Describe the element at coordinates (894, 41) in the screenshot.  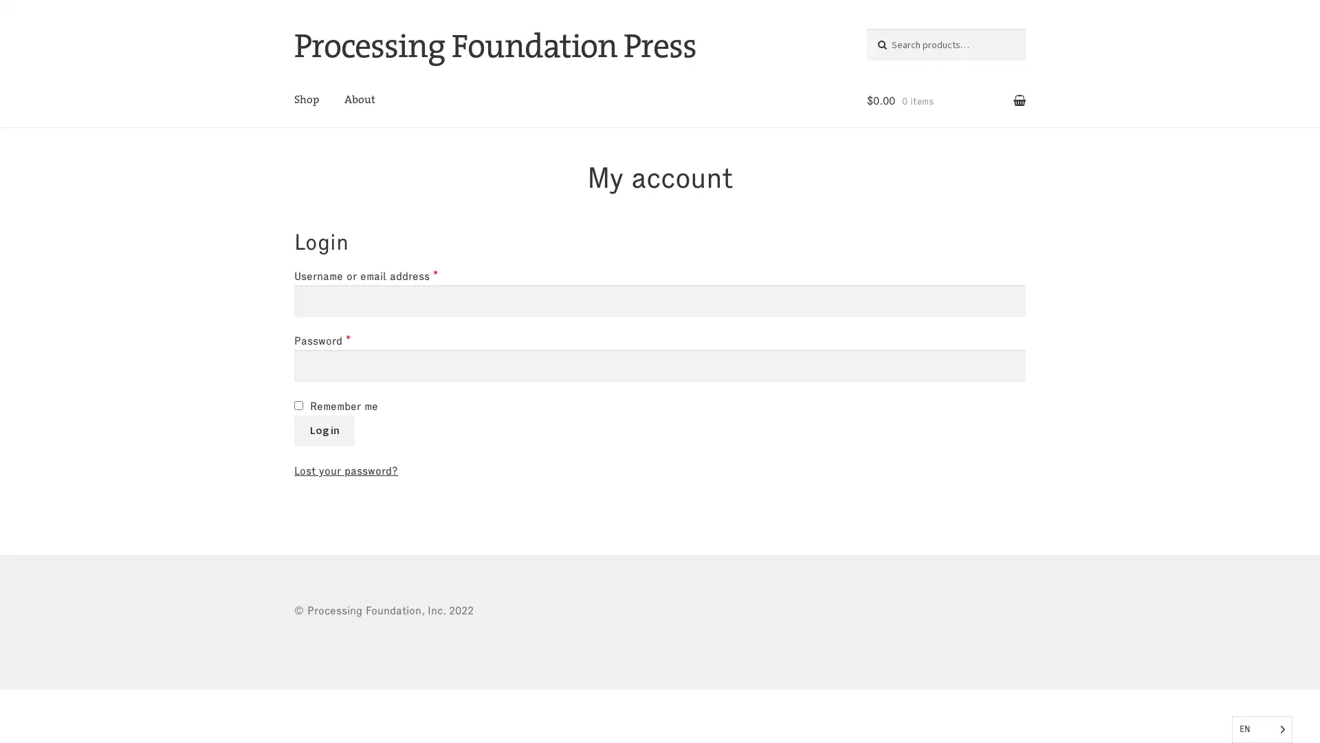
I see `Search` at that location.